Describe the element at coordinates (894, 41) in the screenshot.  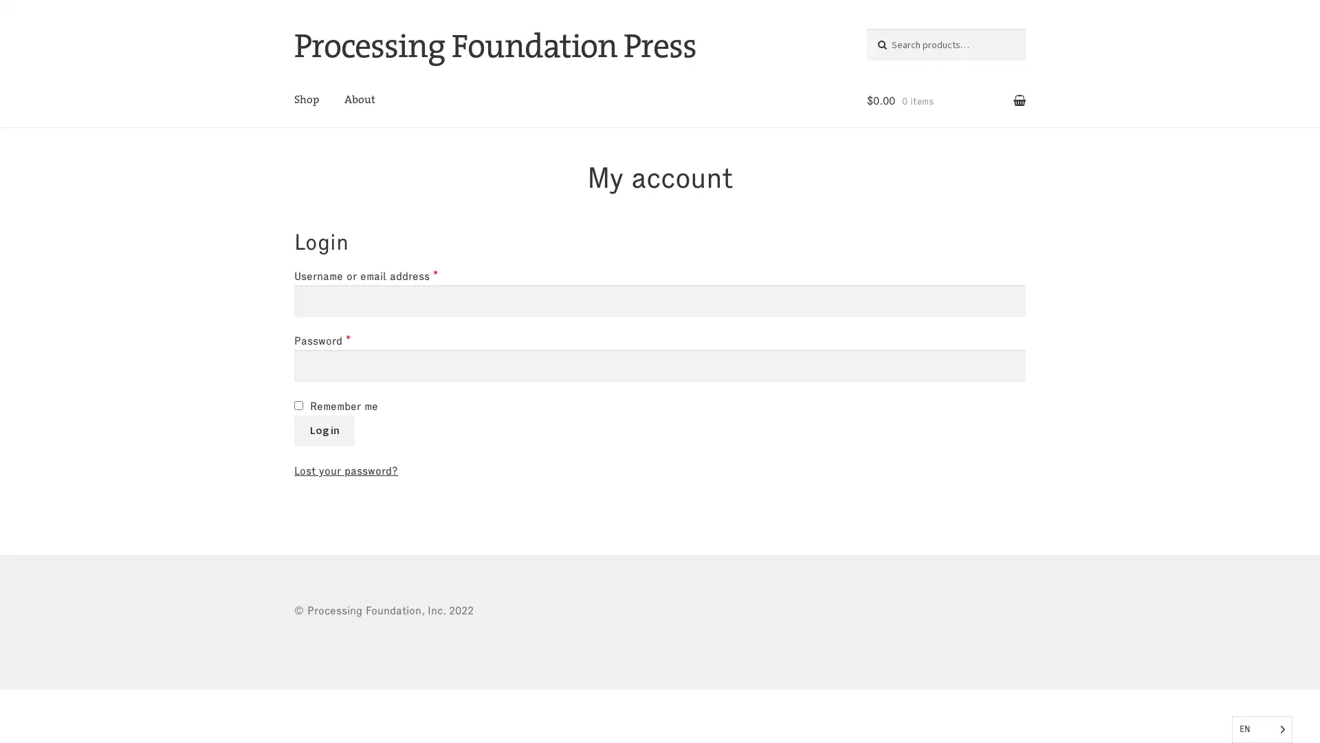
I see `Search` at that location.